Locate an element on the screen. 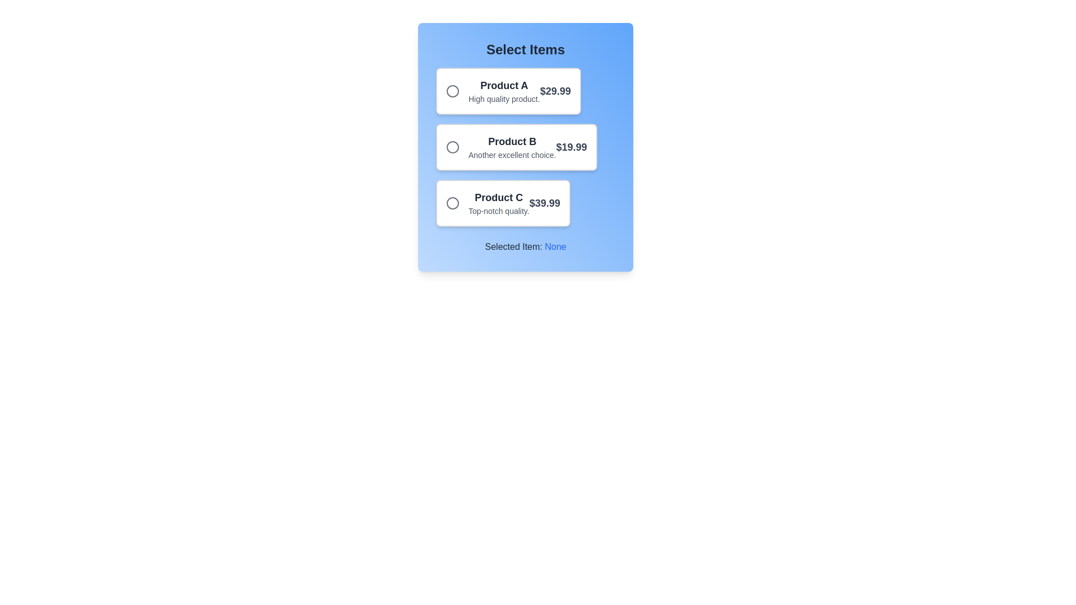  the Static Text element that indicates the currently selected item, which currently shows 'None' is located at coordinates (555, 246).